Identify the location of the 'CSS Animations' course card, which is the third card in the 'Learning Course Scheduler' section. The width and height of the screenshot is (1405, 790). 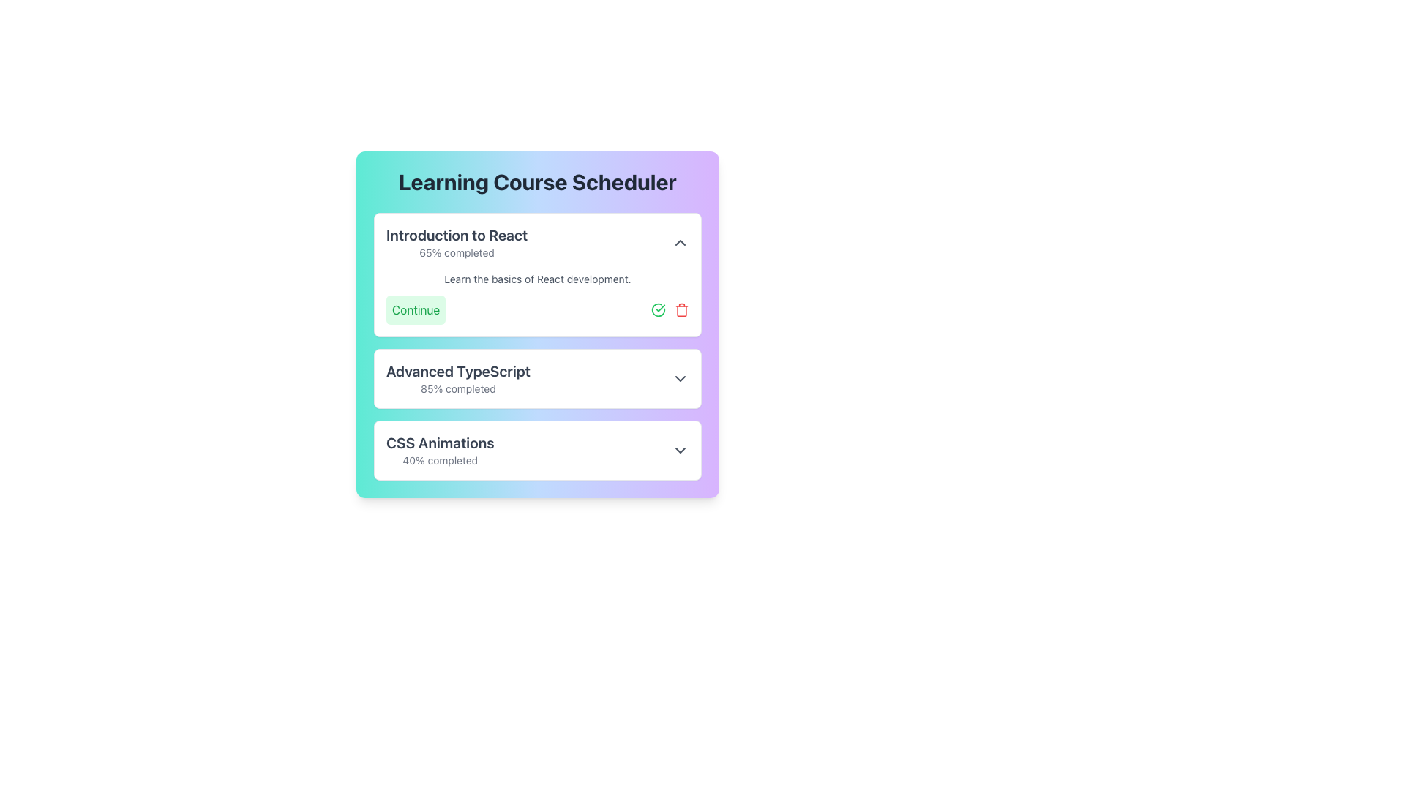
(536, 450).